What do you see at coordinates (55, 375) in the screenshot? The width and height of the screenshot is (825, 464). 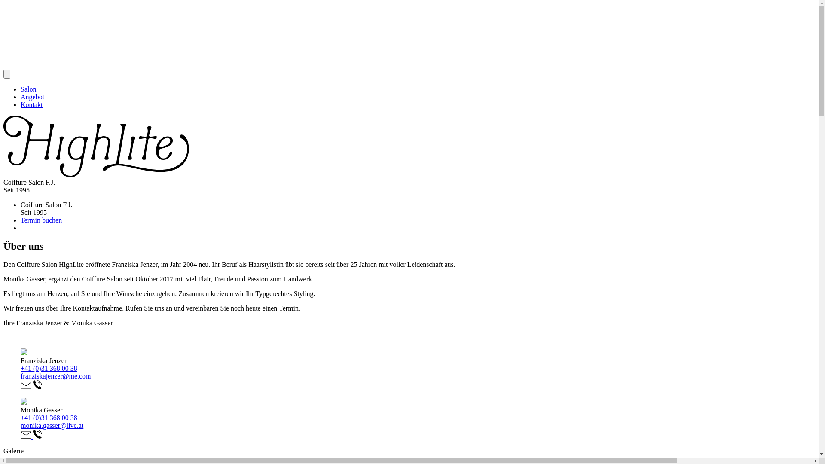 I see `'franziskajenzer@me.com'` at bounding box center [55, 375].